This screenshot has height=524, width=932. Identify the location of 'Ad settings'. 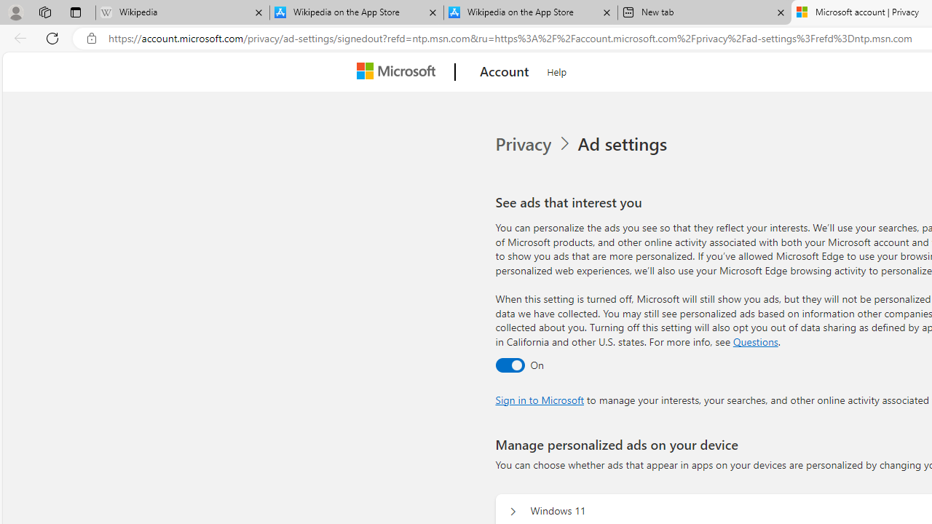
(625, 144).